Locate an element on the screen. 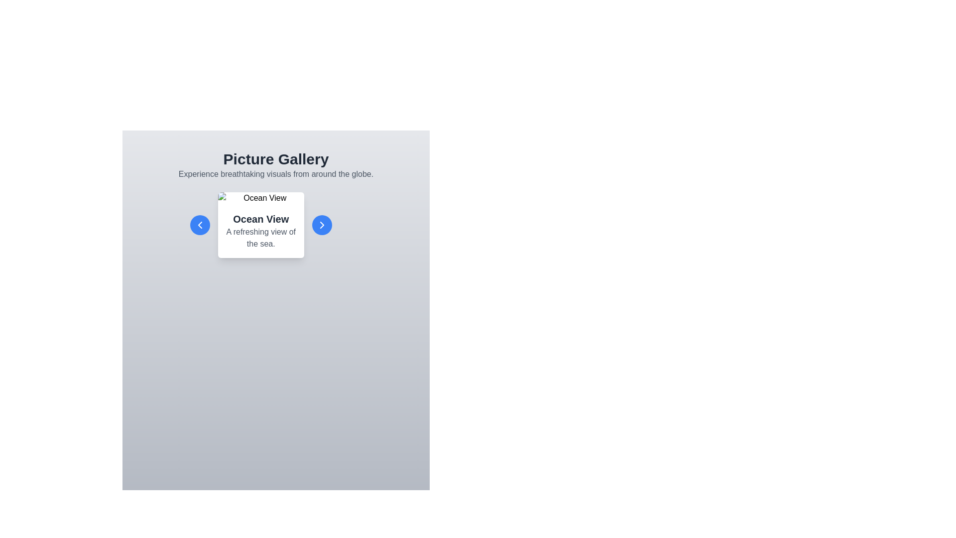  the chevron icon within the circular blue button on the right side of the central card is located at coordinates (322, 225).